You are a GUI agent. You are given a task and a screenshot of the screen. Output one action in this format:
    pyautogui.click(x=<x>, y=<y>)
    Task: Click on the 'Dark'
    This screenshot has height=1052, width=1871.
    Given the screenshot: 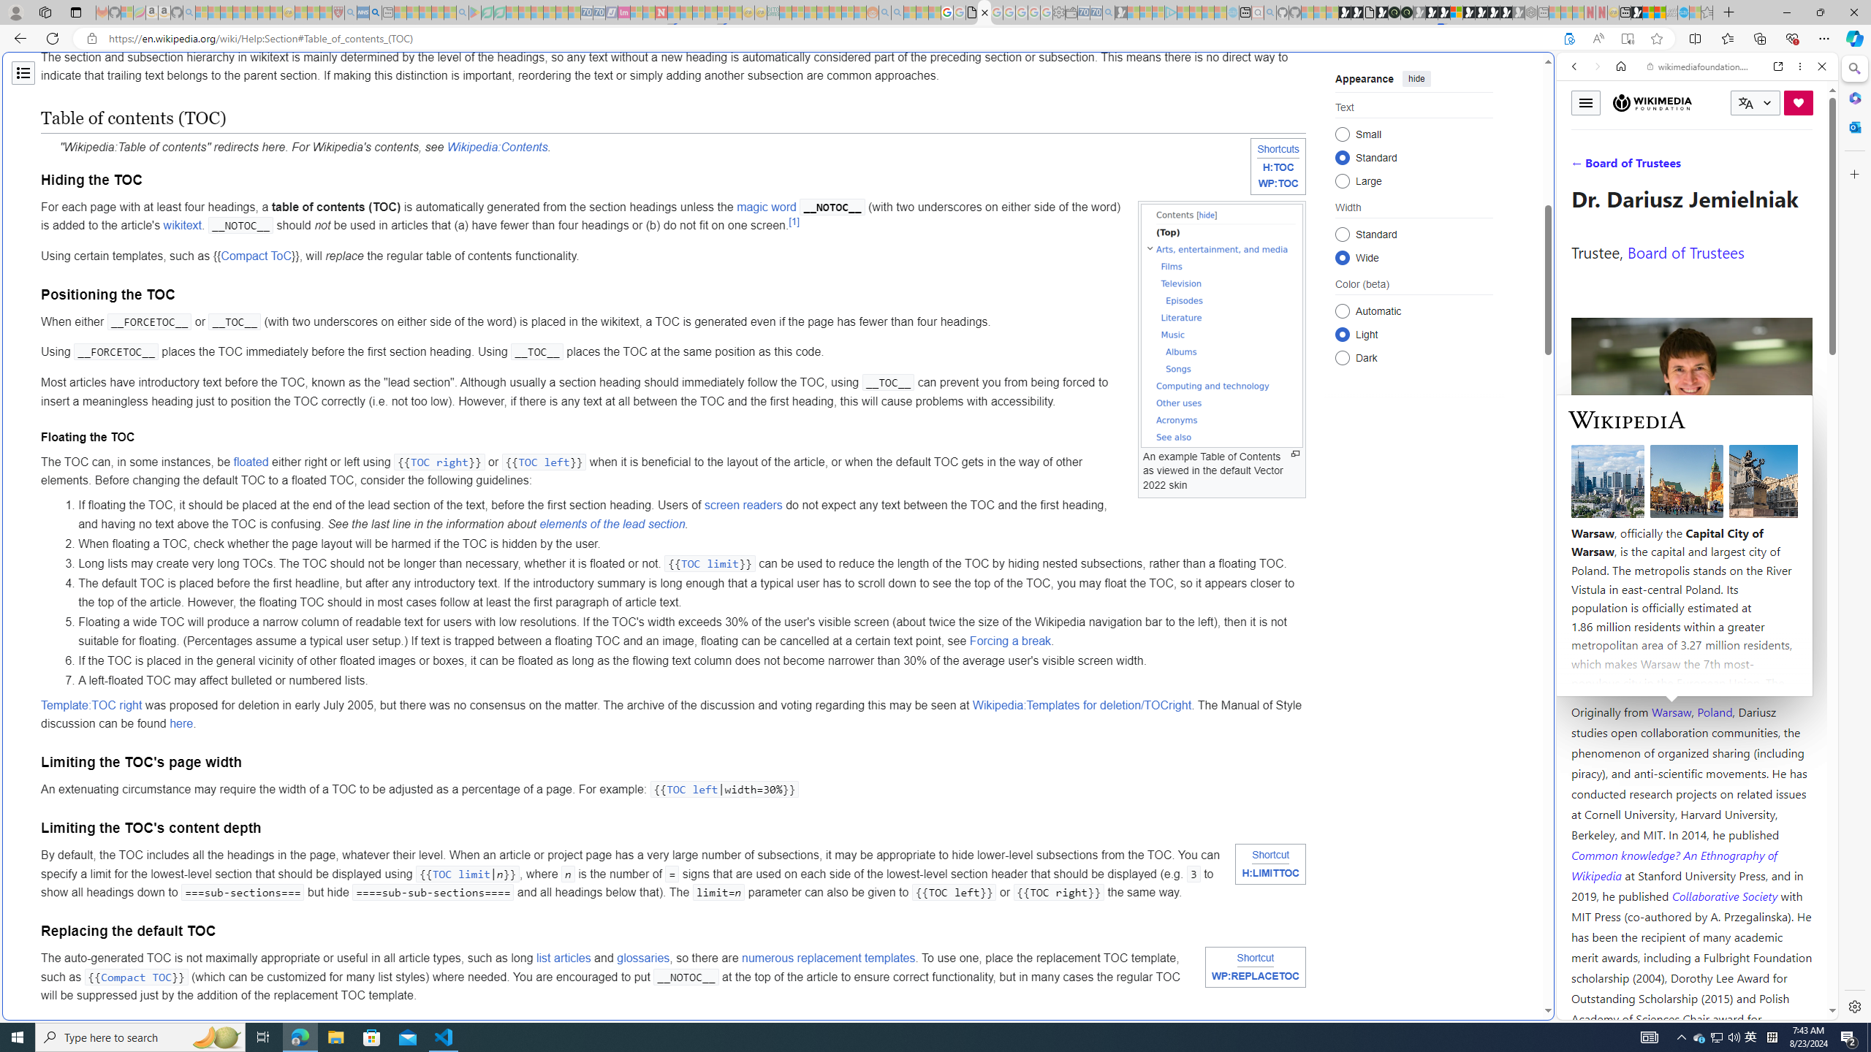 What is the action you would take?
    pyautogui.click(x=1341, y=357)
    